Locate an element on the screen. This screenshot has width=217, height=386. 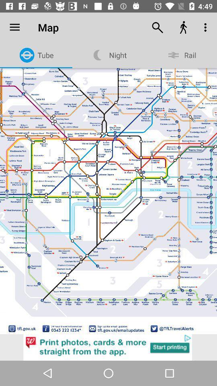
item below map icon is located at coordinates (108, 186).